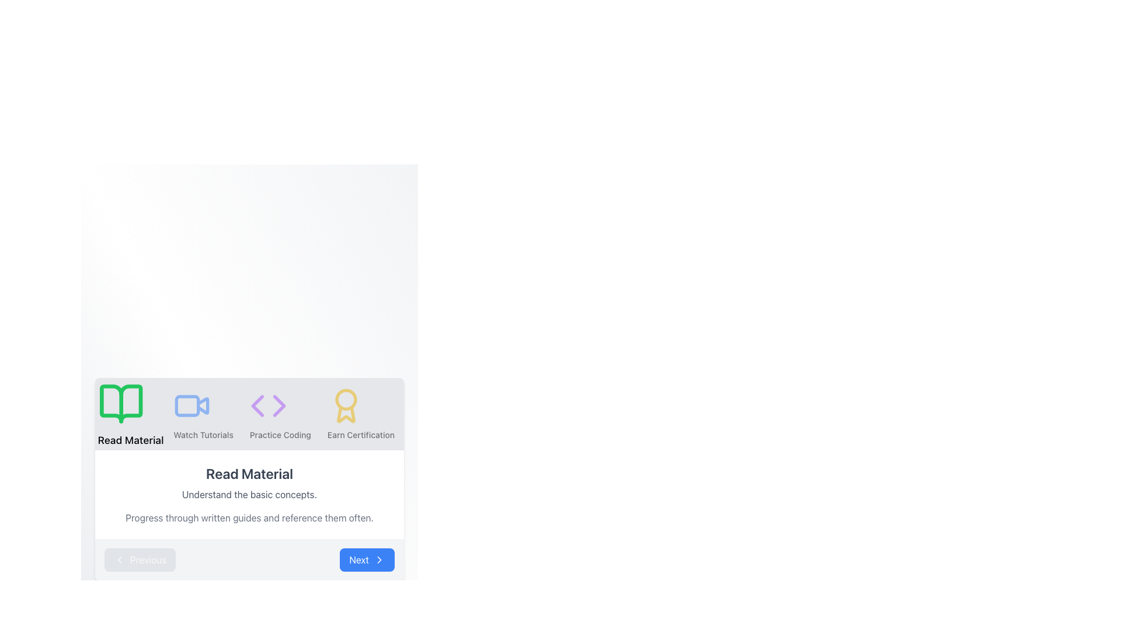  What do you see at coordinates (278, 405) in the screenshot?
I see `the rightward-pointing triangular icon located in the bottom area of the interface, specifically the third icon from the left in the row of icons` at bounding box center [278, 405].